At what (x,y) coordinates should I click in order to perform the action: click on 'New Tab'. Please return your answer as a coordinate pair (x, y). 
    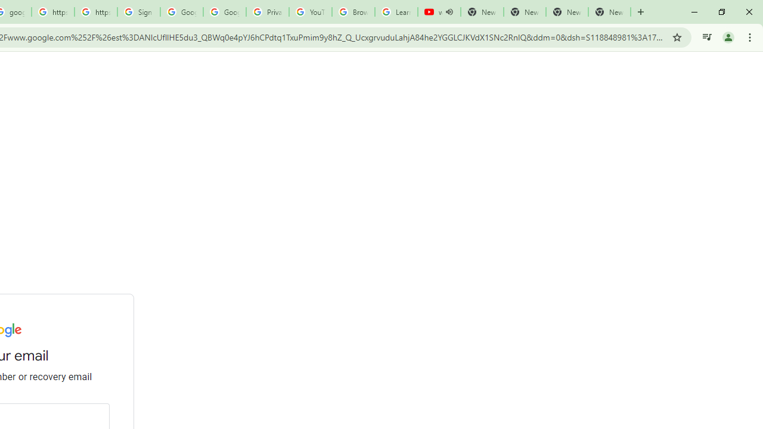
    Looking at the image, I should click on (609, 12).